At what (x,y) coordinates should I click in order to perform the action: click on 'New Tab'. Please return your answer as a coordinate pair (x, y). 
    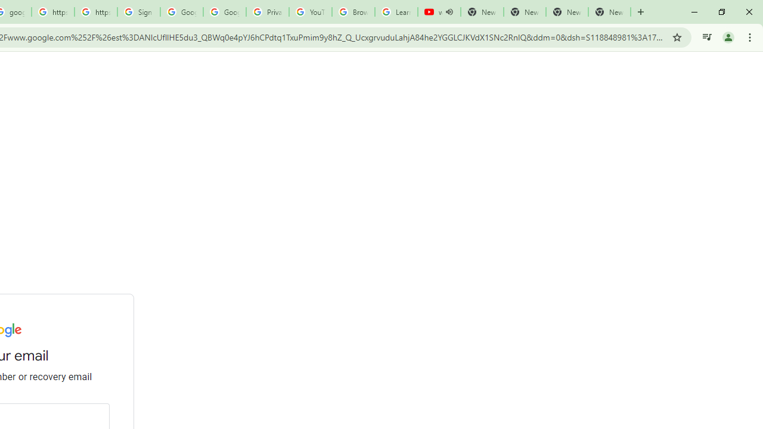
    Looking at the image, I should click on (609, 12).